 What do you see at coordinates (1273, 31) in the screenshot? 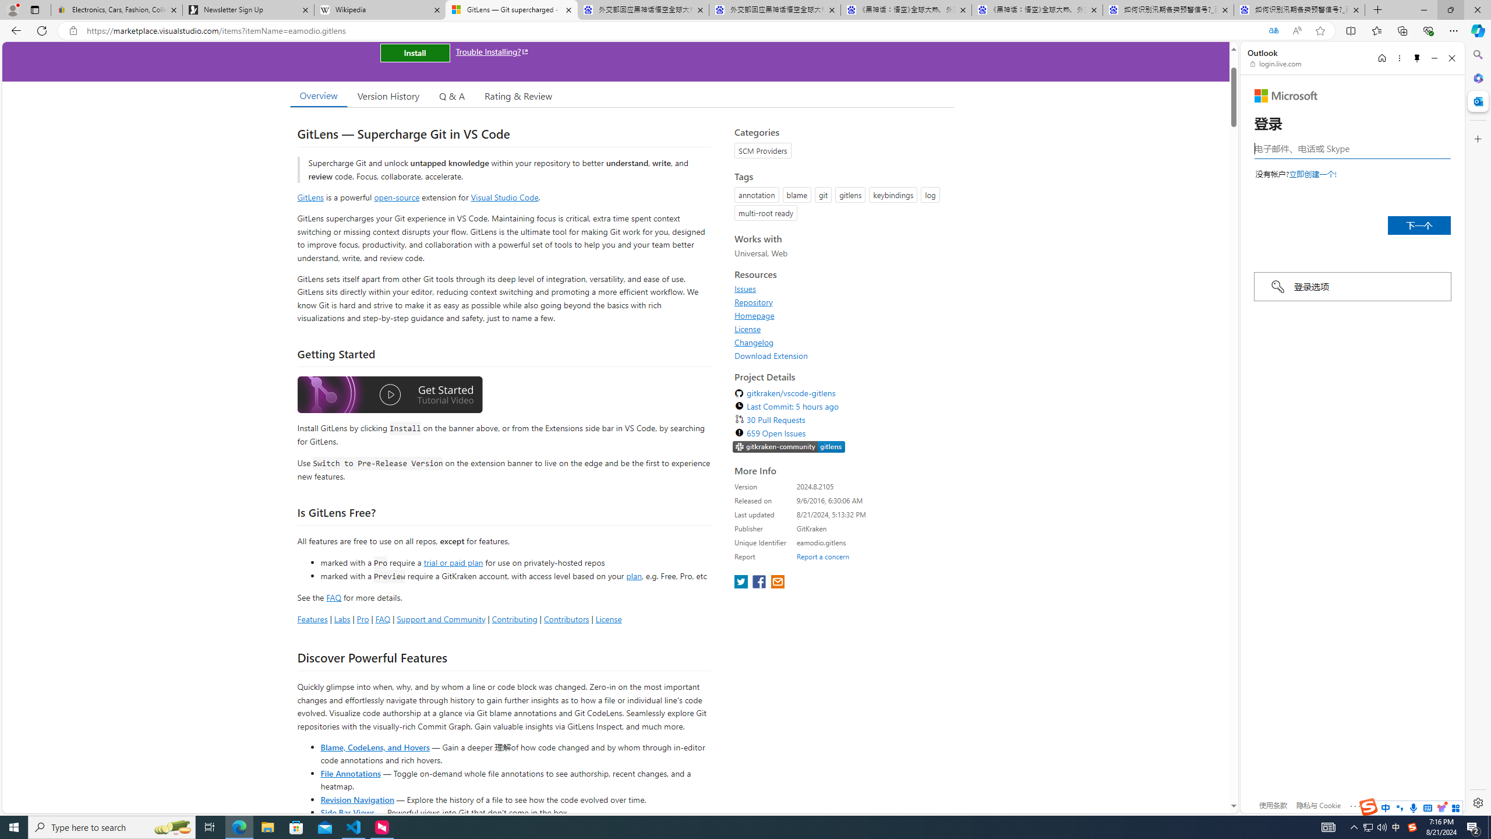
I see `'Translated'` at bounding box center [1273, 31].